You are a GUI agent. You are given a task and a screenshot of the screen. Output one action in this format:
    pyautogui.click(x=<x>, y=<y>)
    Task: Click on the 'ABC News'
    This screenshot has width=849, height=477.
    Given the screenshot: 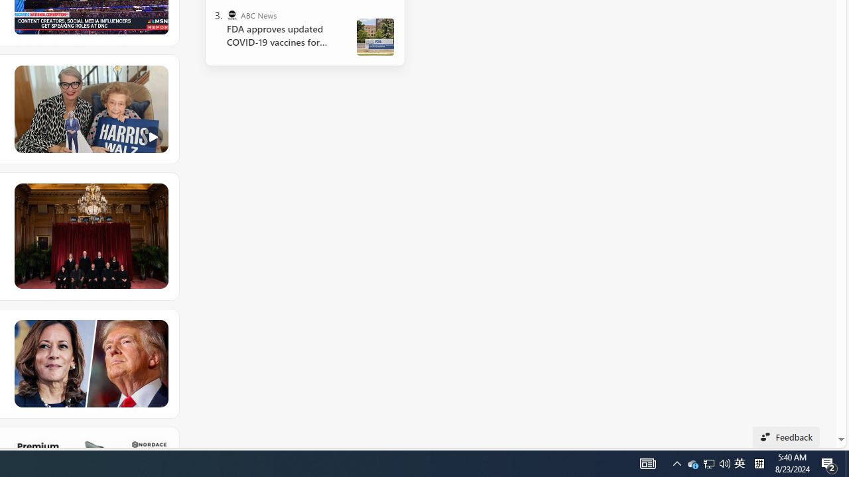 What is the action you would take?
    pyautogui.click(x=232, y=15)
    